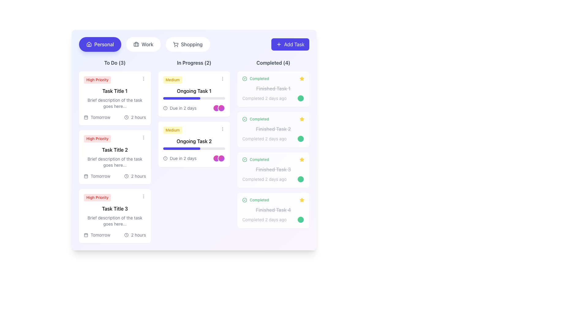 The image size is (588, 331). I want to click on the star-shaped icon with a yellow fill in the 'Completed' section, located in the third column, aligned to the right of 'Finished Task 2', so click(302, 119).